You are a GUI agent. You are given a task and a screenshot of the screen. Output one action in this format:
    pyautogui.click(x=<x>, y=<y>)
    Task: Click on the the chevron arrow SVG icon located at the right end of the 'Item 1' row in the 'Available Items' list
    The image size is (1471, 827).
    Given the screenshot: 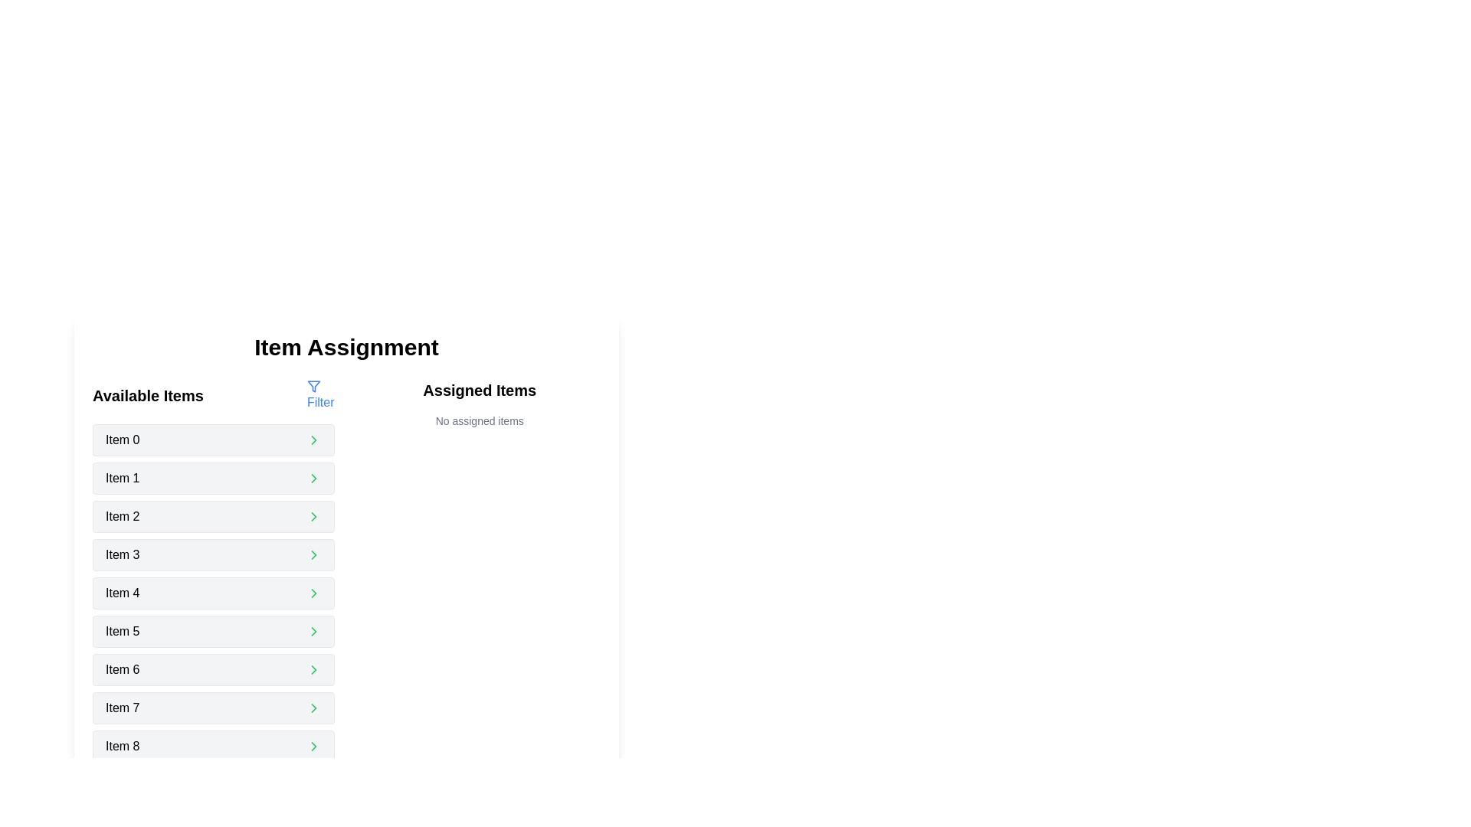 What is the action you would take?
    pyautogui.click(x=313, y=440)
    